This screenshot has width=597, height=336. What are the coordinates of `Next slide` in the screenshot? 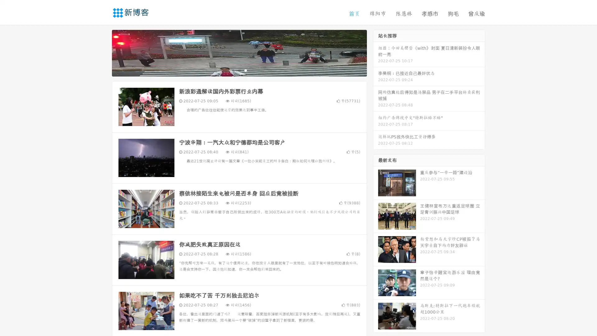 It's located at (376, 52).